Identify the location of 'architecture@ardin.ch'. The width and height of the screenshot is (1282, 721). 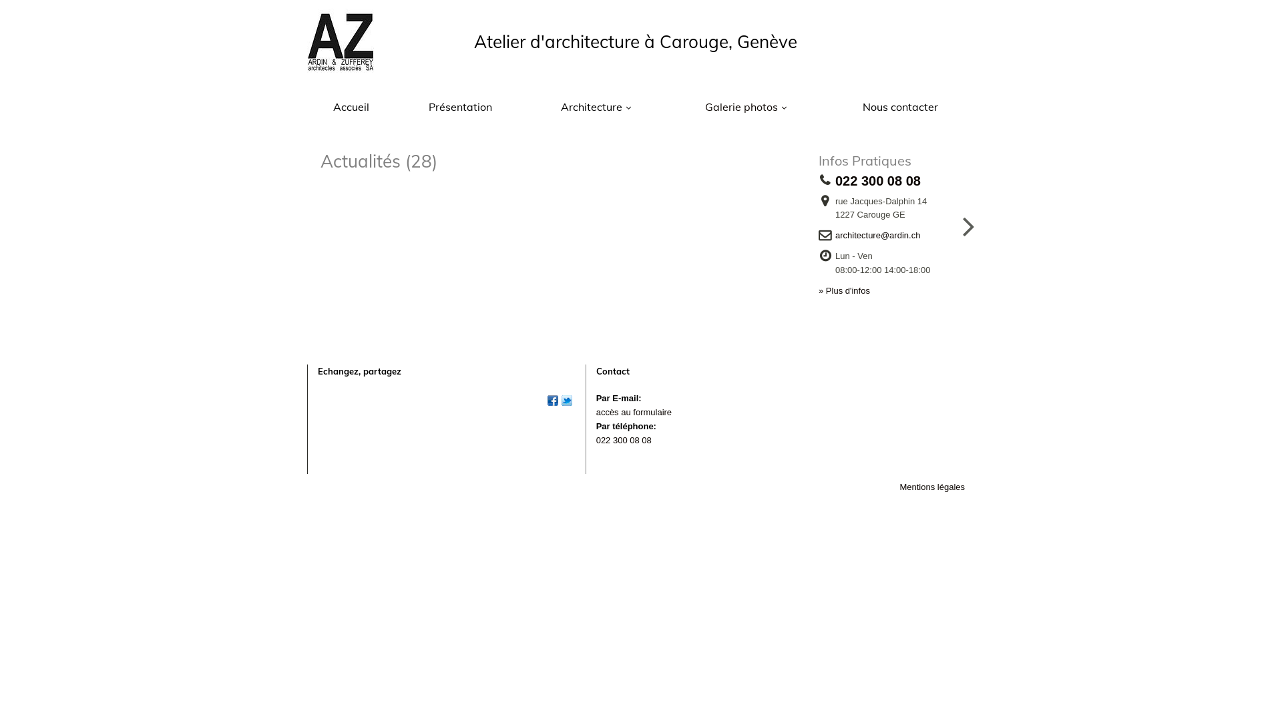
(881, 235).